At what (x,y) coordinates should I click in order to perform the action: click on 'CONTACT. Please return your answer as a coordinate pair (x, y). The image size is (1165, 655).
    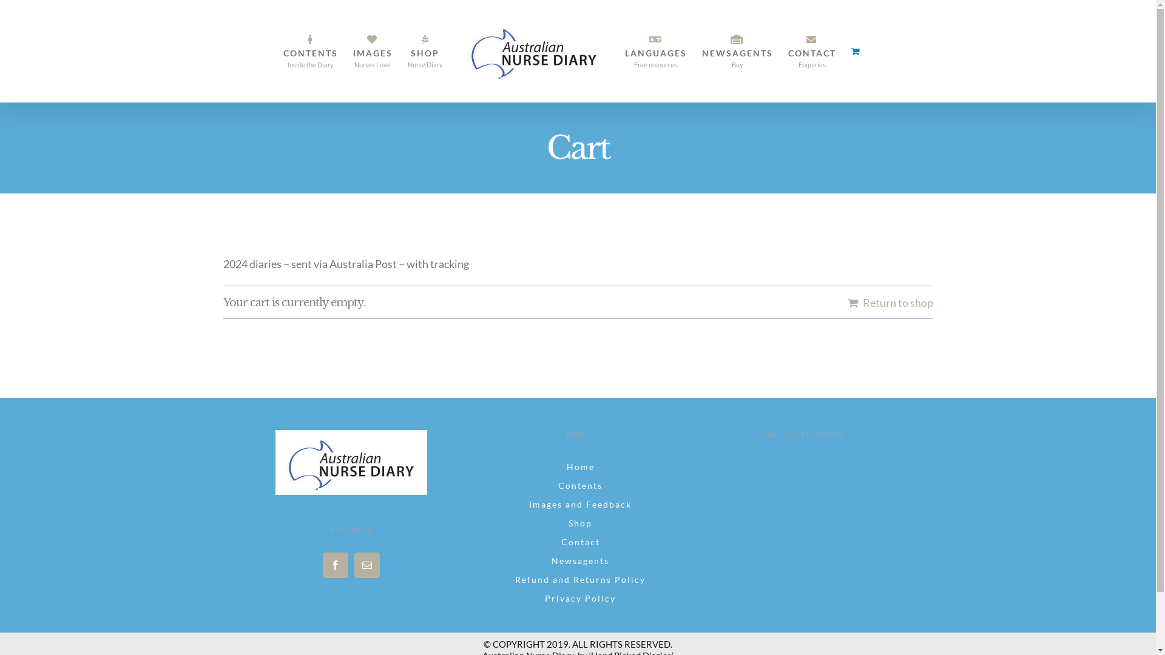
    Looking at the image, I should click on (811, 50).